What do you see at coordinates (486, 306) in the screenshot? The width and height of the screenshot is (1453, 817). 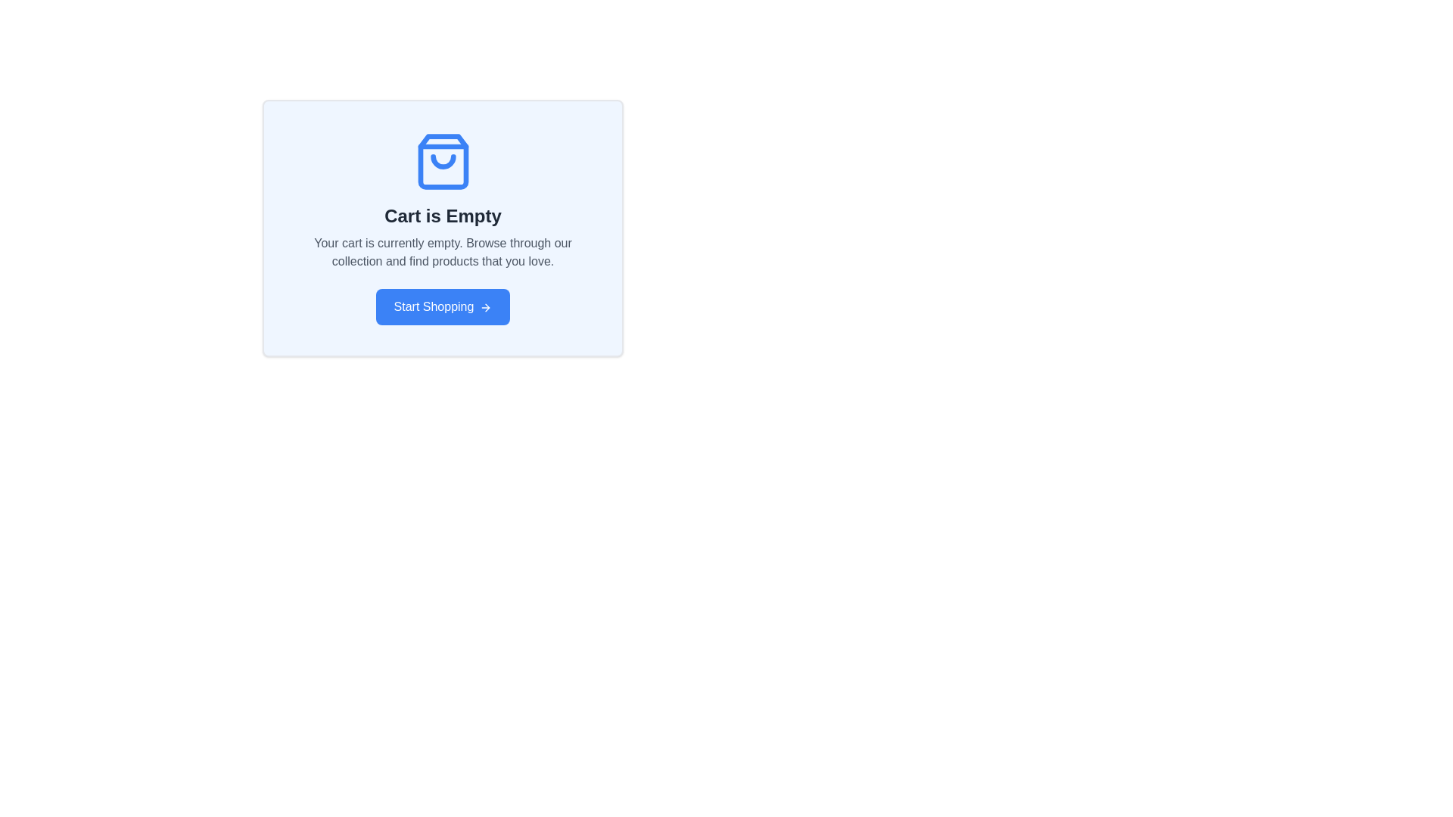 I see `the appearance of the rightward-pointing arrow icon located within the 'Start Shopping' button at the bottom center of the 'Cart is Empty' card` at bounding box center [486, 306].